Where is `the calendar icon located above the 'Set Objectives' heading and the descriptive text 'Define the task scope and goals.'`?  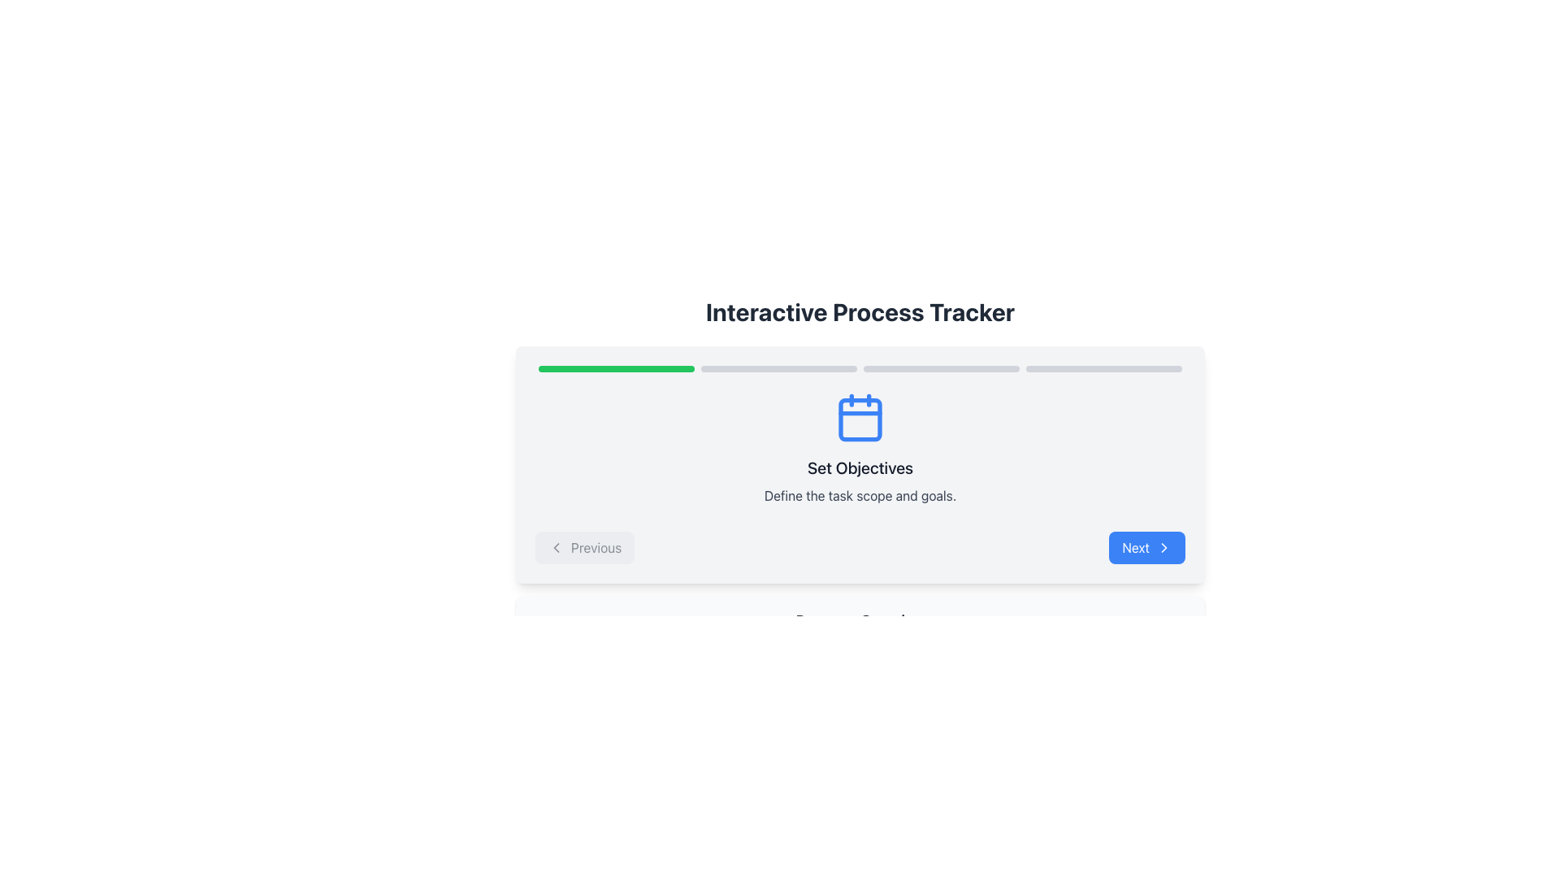 the calendar icon located above the 'Set Objectives' heading and the descriptive text 'Define the task scope and goals.' is located at coordinates (860, 416).